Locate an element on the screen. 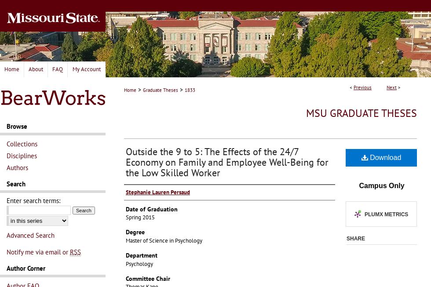  'MSU Graduate Theses' is located at coordinates (362, 113).